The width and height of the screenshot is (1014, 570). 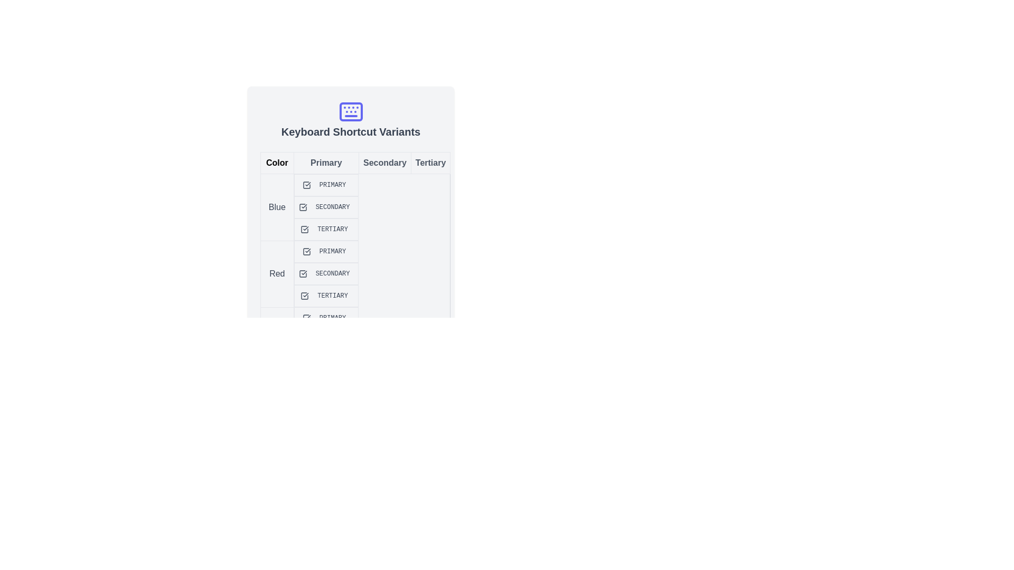 What do you see at coordinates (277, 207) in the screenshot?
I see `the text label displaying the word 'Blue', which is the first entry under the 'Color' column` at bounding box center [277, 207].